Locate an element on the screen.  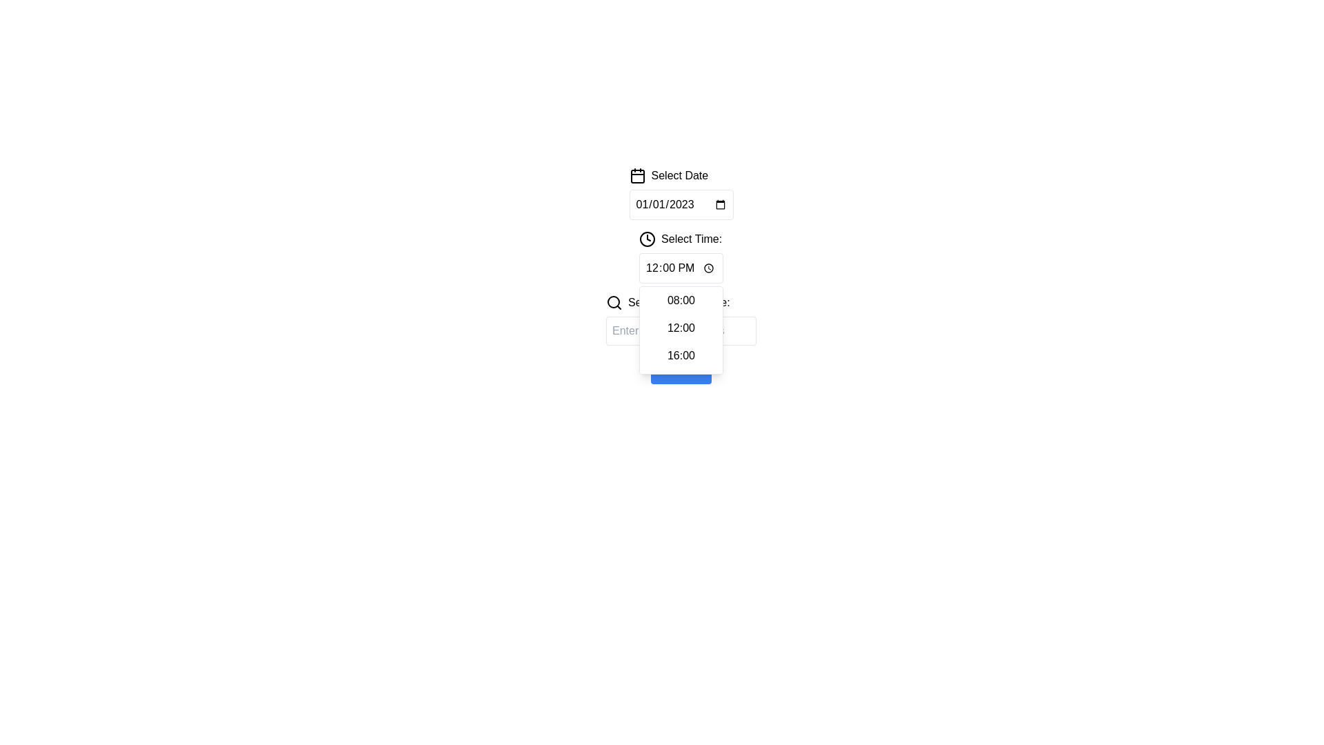
the magnifying glass icon representing the search function, located to the immediate left of the 'Search Date & Time:' text is located at coordinates (614, 302).